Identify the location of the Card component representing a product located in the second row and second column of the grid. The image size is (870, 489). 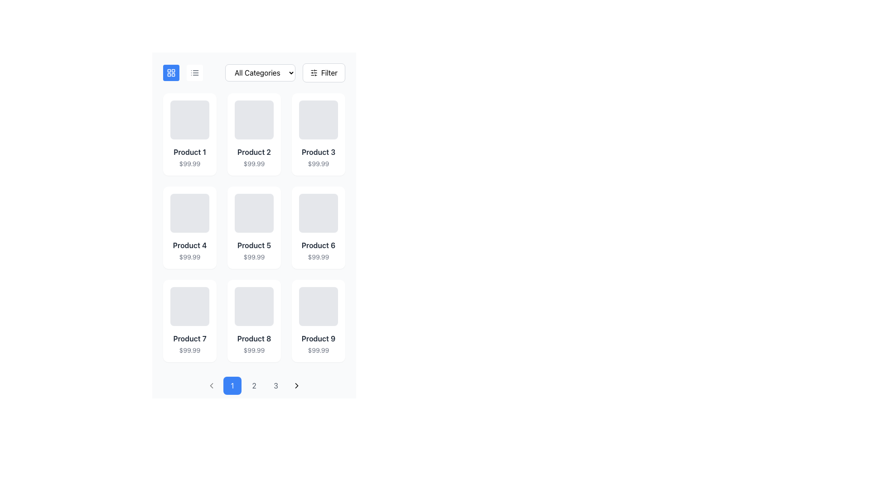
(254, 227).